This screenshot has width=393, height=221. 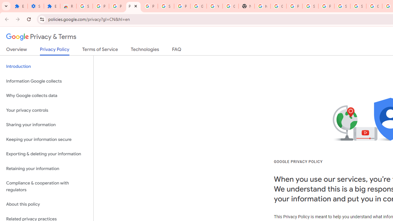 I want to click on 'Sign in - Google Accounts', so click(x=358, y=6).